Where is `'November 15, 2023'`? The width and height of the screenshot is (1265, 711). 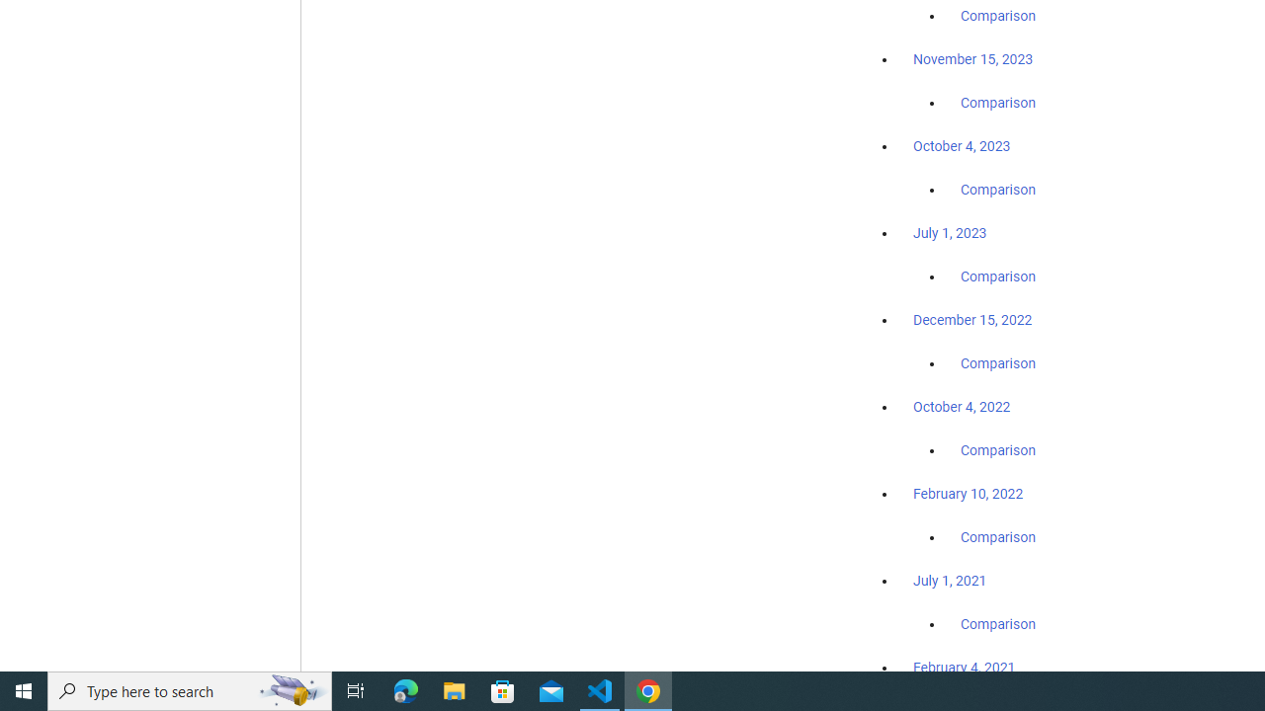 'November 15, 2023' is located at coordinates (972, 58).